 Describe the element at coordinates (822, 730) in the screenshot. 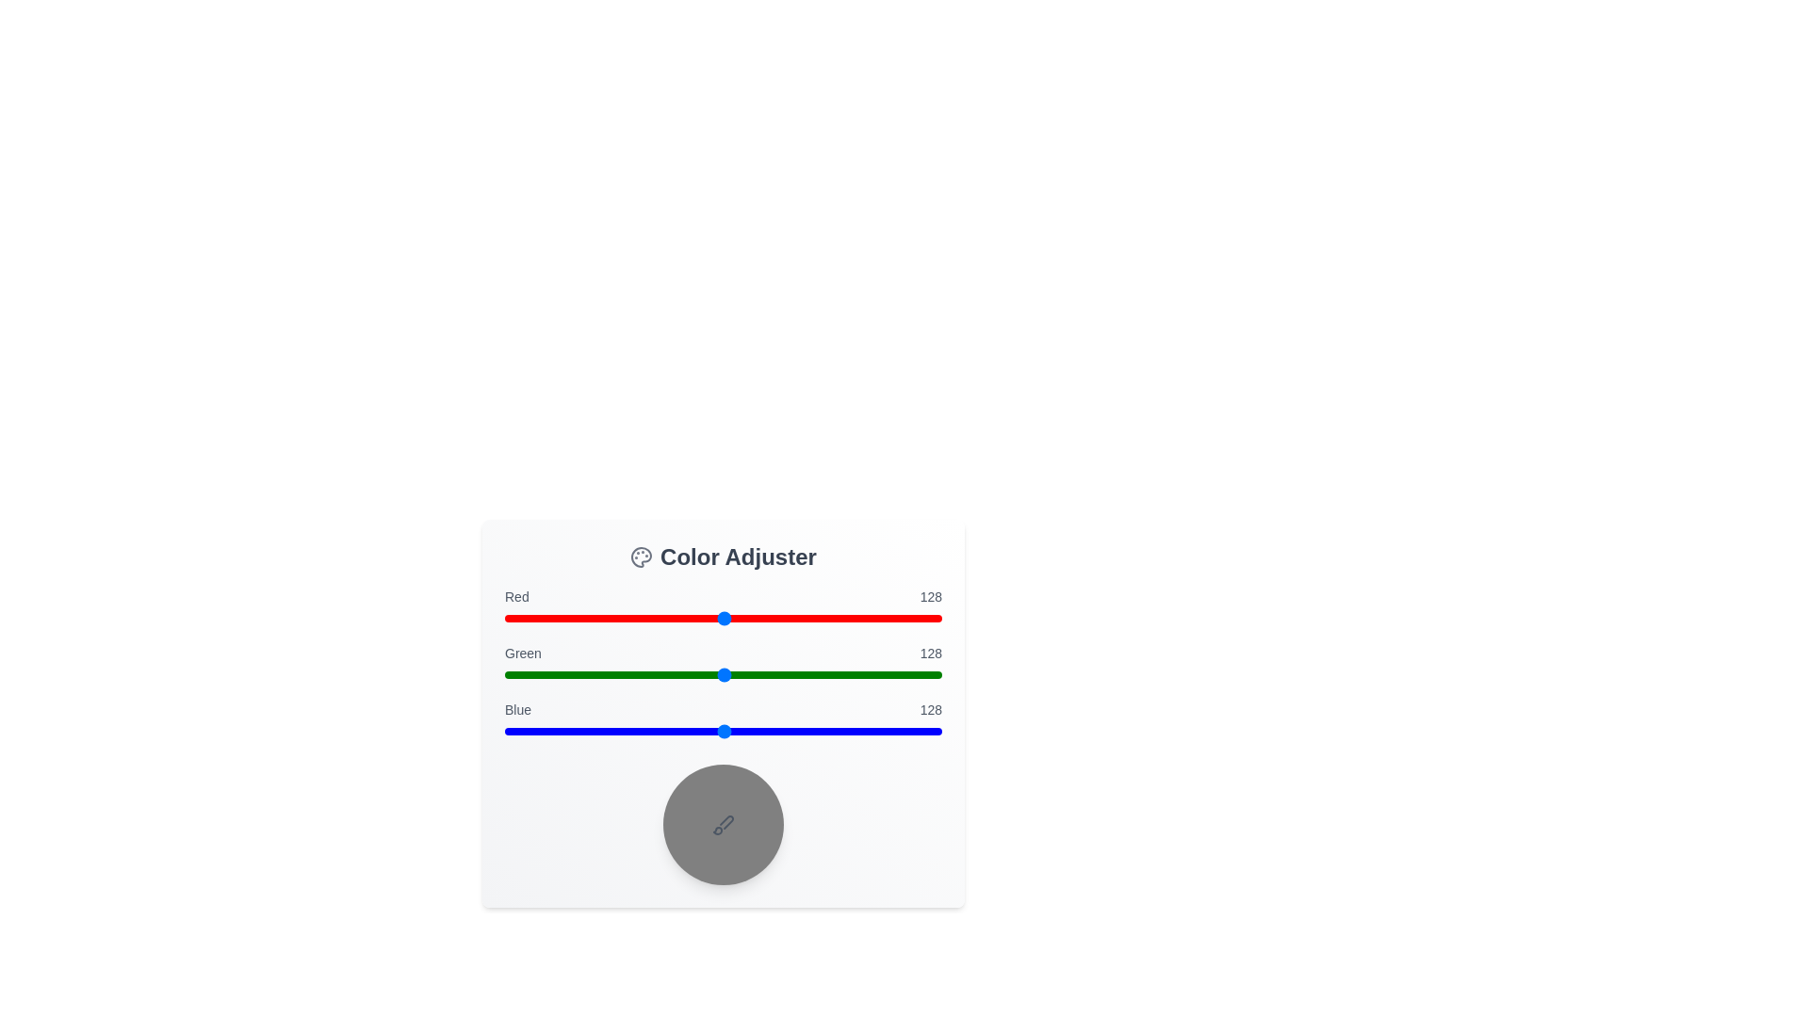

I see `the blue slider to set its value to 185` at that location.